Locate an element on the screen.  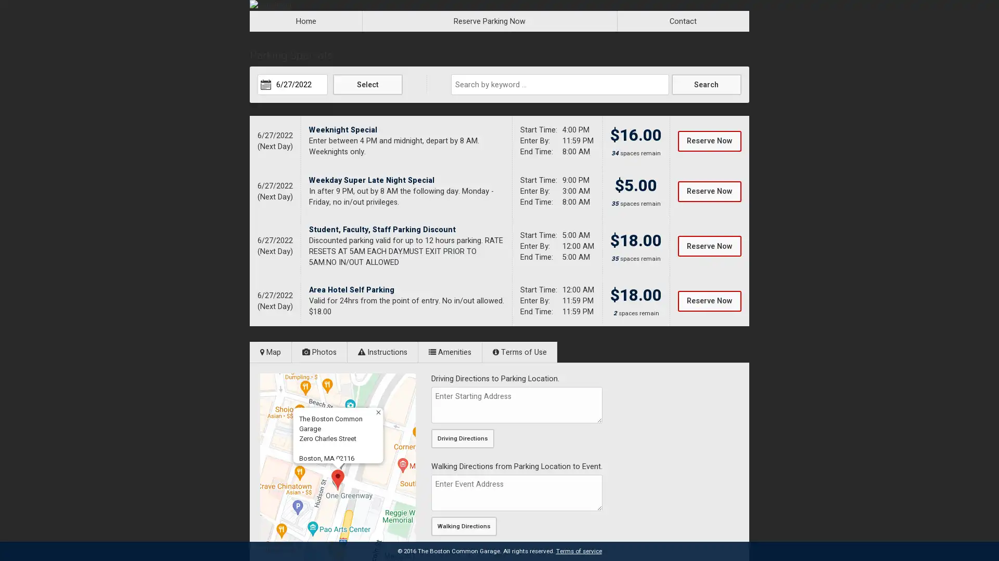
Reserve Now is located at coordinates (709, 191).